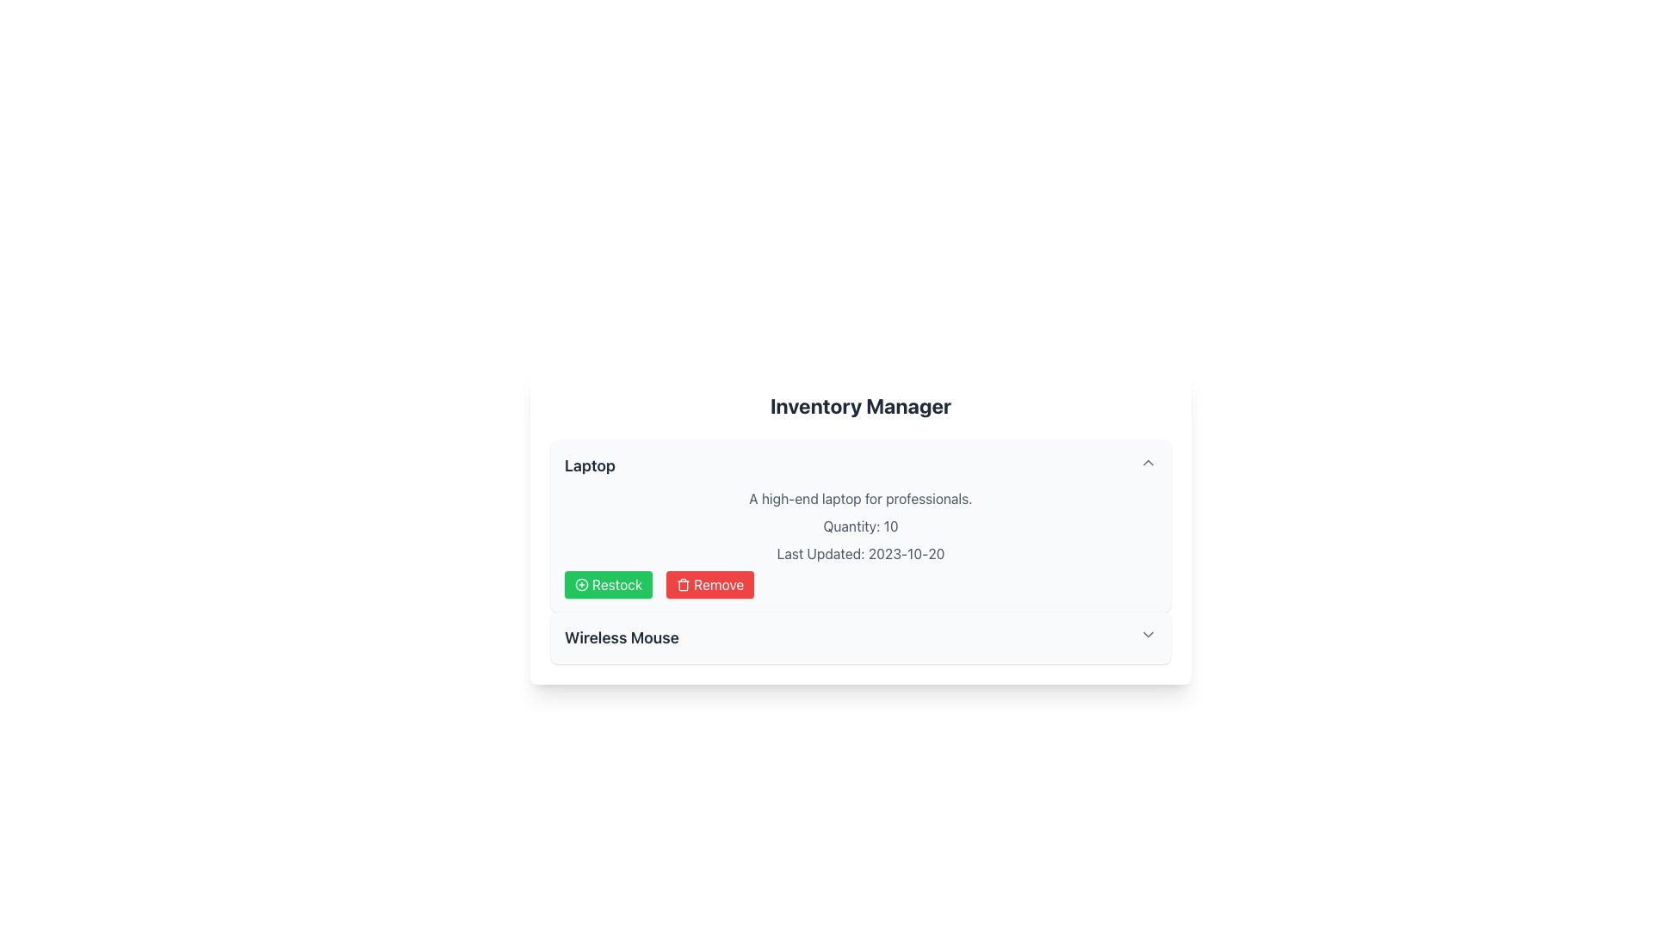  Describe the element at coordinates (582, 583) in the screenshot. I see `the central SVG Circle that serves as the background for the 'add' button with a plus icon, located within the lower section of an inventory item's entry` at that location.